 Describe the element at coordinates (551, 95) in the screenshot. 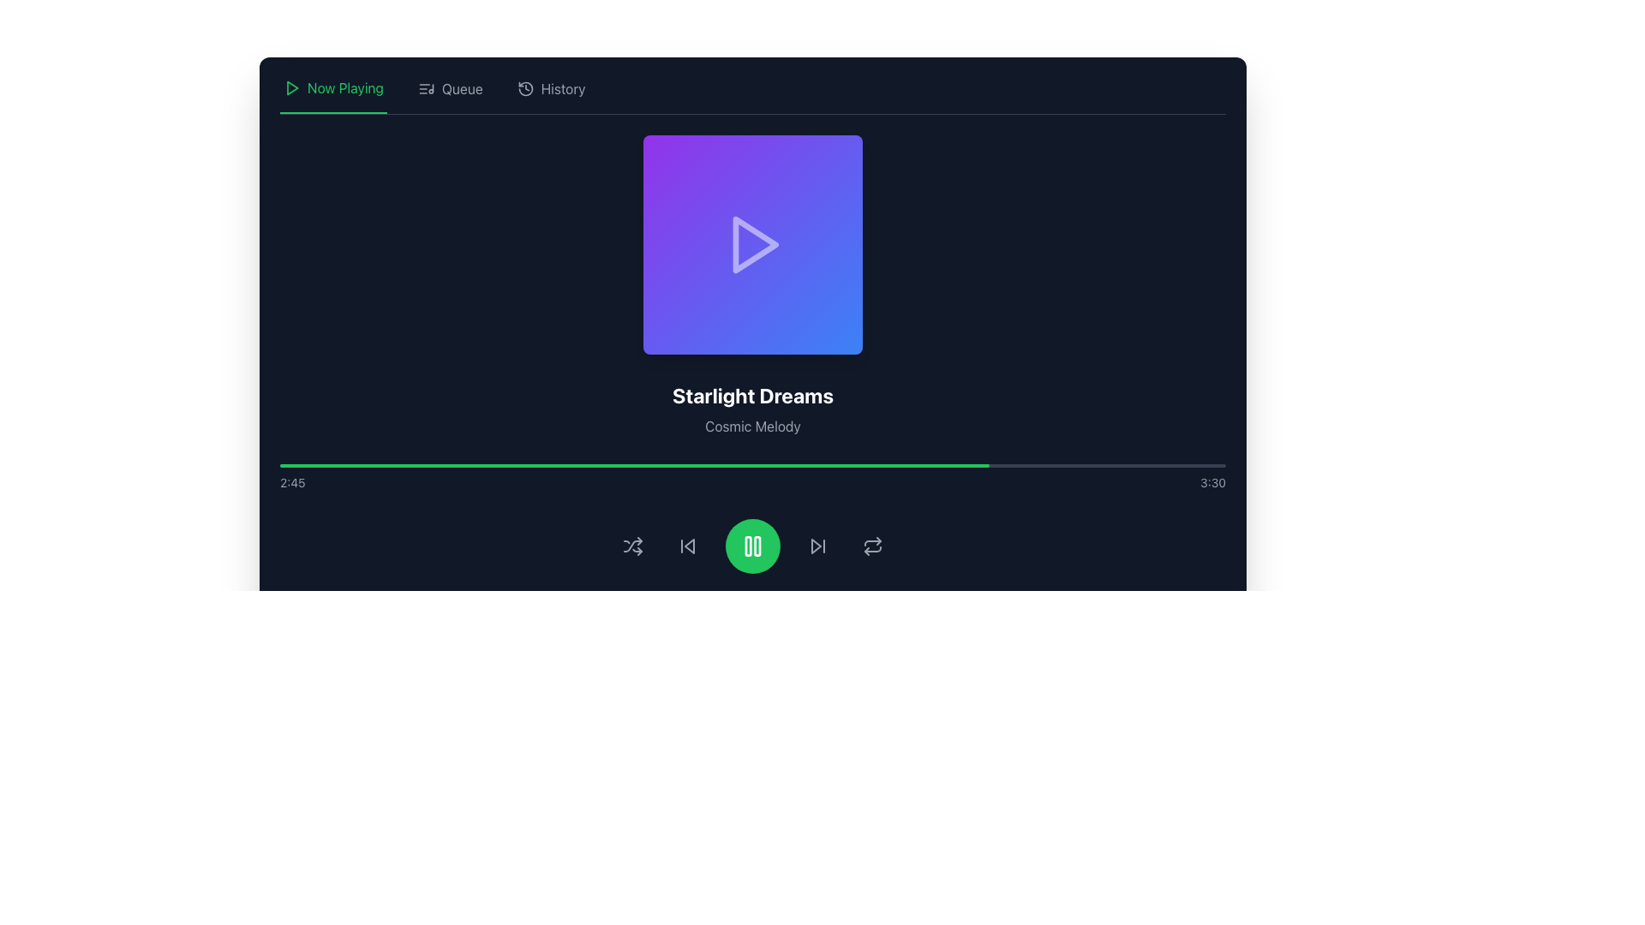

I see `the clickable navigation menu item labeled 'History' located on the top navigation bar, which is positioned between 'Queue' and the main content area` at that location.